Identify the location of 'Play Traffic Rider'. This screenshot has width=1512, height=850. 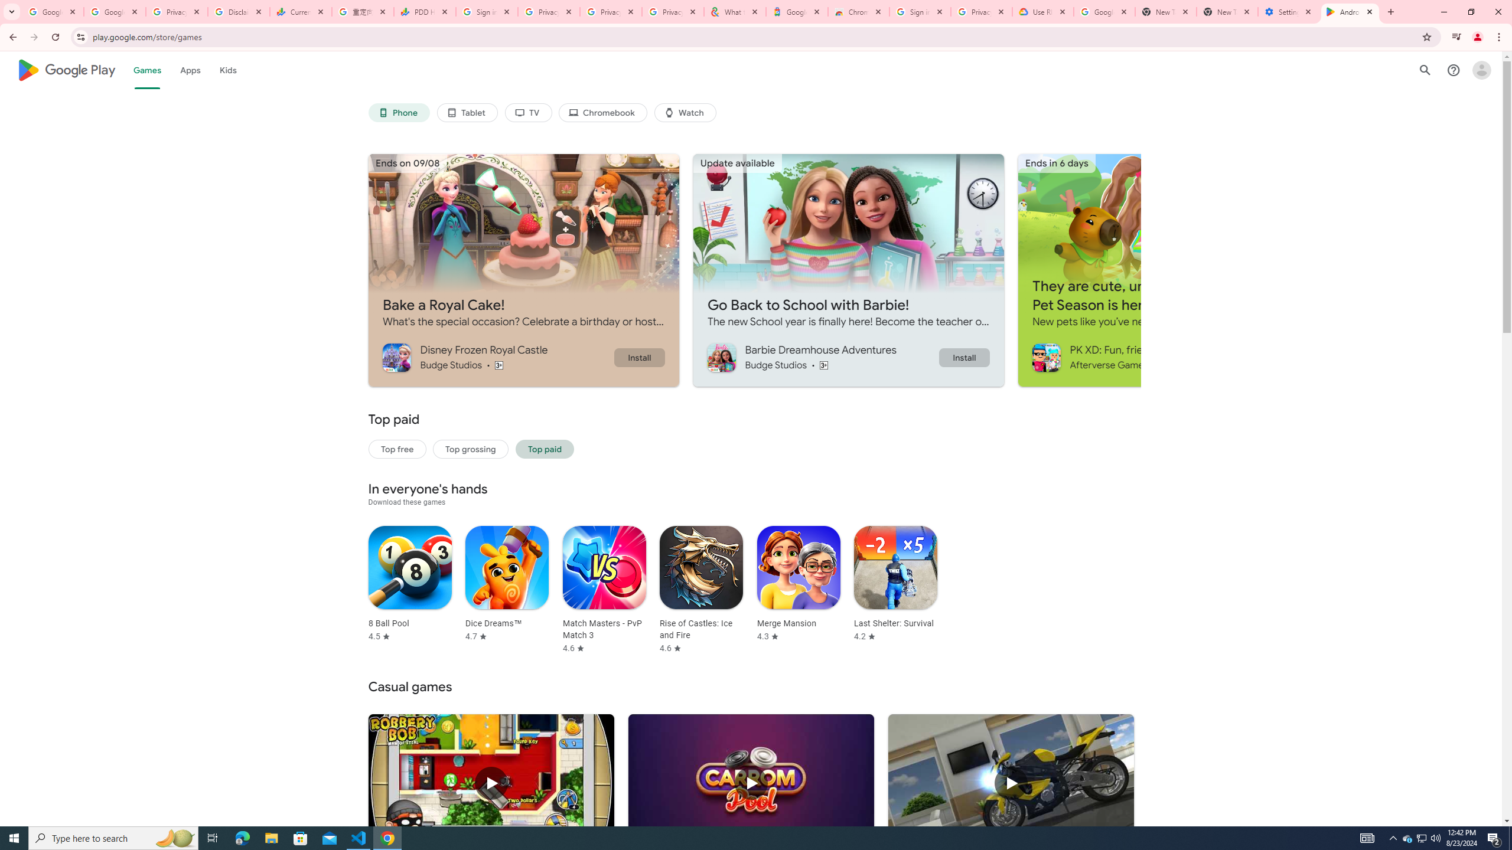
(1011, 783).